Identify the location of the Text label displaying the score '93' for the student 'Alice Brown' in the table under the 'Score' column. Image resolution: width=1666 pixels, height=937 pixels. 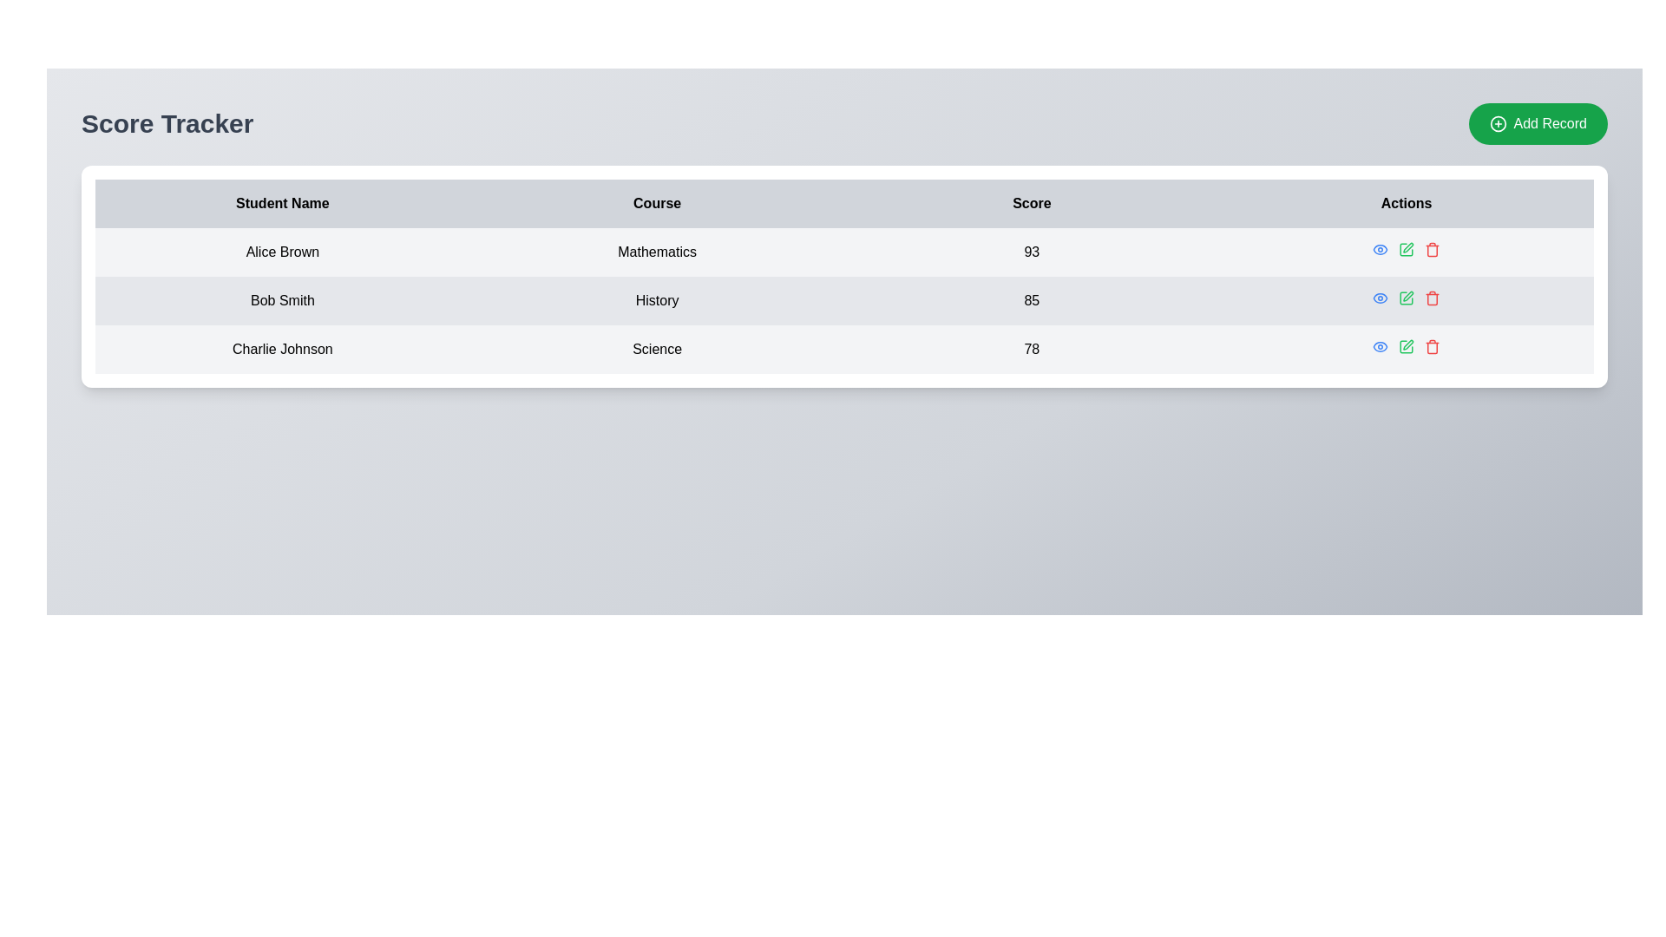
(1032, 252).